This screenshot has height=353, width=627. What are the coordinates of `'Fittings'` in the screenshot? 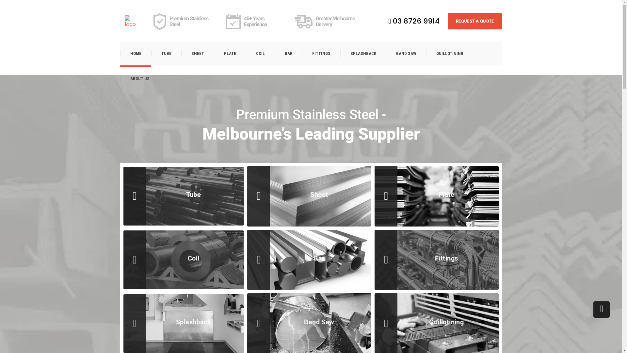 It's located at (446, 258).